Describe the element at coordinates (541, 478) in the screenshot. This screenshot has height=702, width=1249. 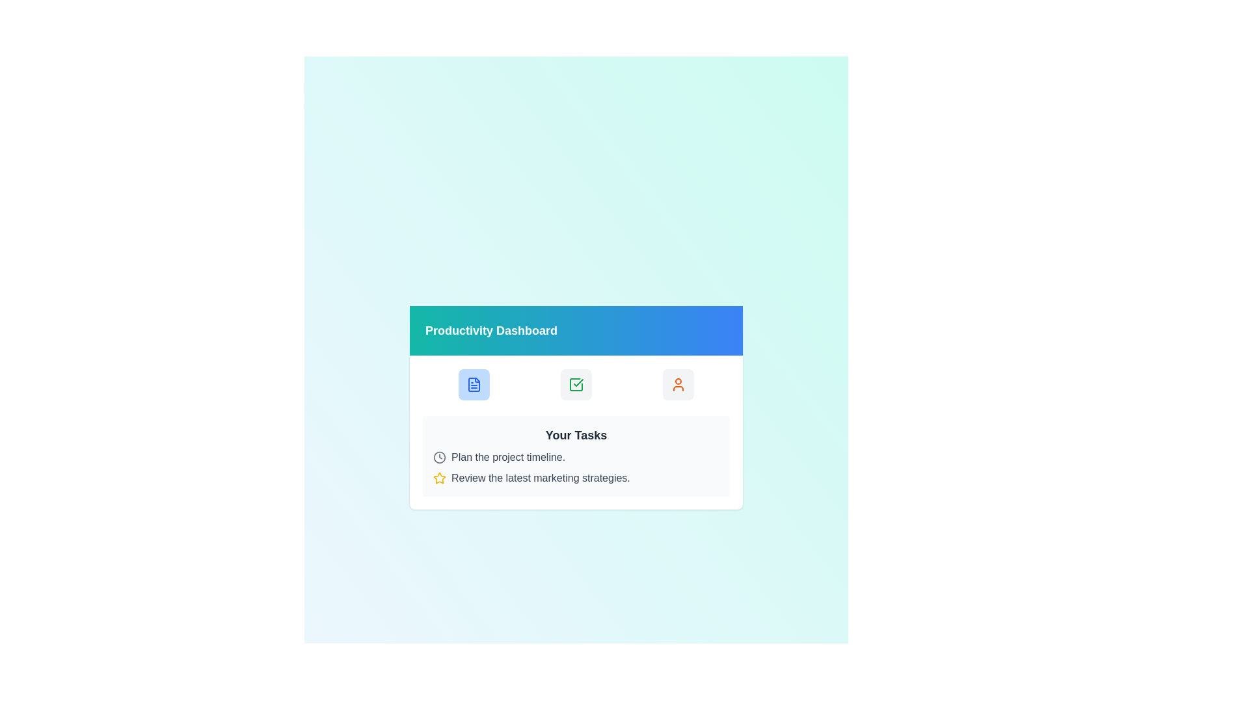
I see `the text label stating 'Review the latest marketing strategies.' located under the 'Your Tasks' section for focus` at that location.